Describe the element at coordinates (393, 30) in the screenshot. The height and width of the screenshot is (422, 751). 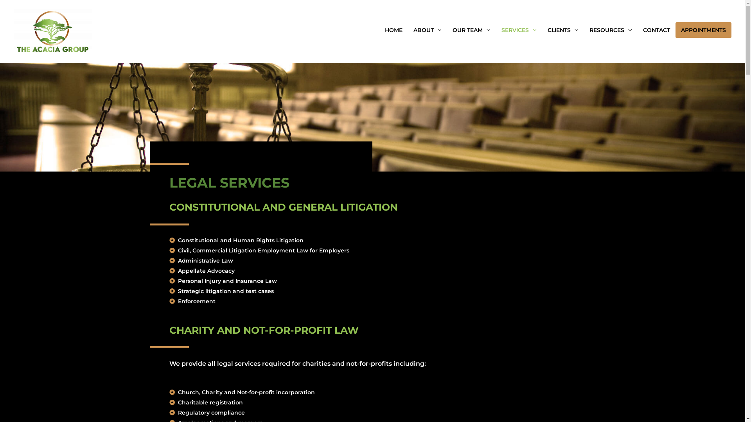
I see `'HOME'` at that location.